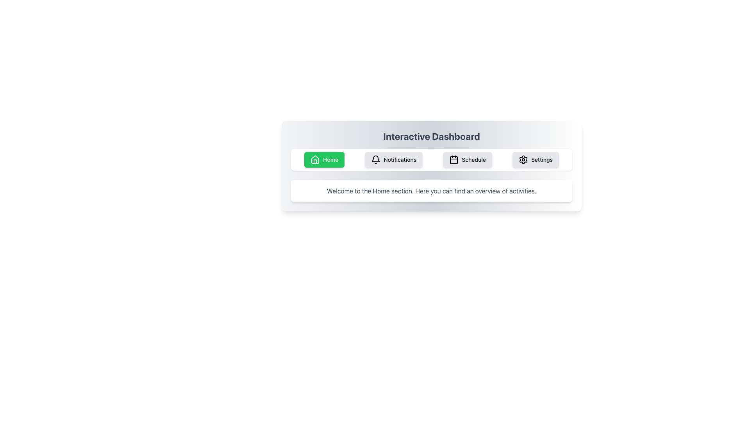 The width and height of the screenshot is (750, 422). Describe the element at coordinates (324, 159) in the screenshot. I see `the first button in the horizontal set under the title section labeled 'Interactive Dashboard'` at that location.